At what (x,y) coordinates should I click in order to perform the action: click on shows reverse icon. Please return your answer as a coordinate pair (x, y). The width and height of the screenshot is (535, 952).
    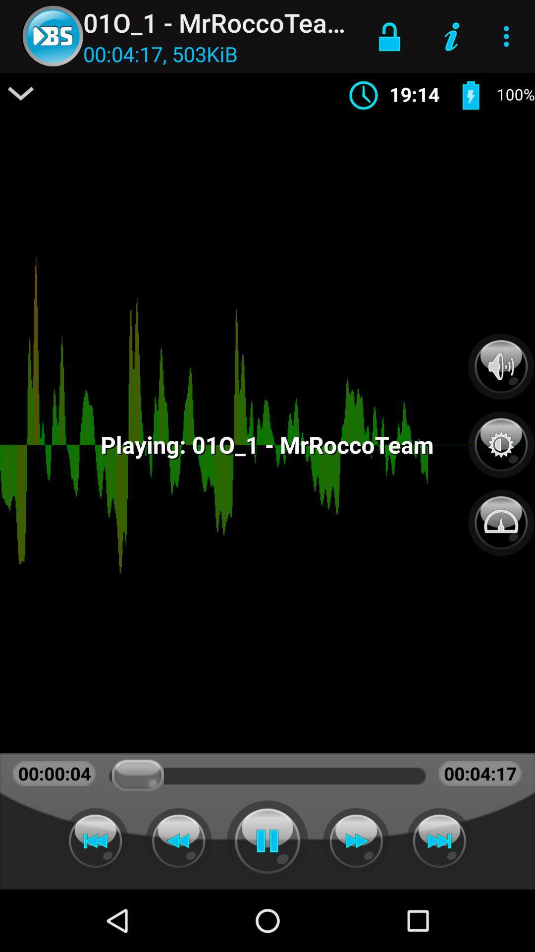
    Looking at the image, I should click on (95, 840).